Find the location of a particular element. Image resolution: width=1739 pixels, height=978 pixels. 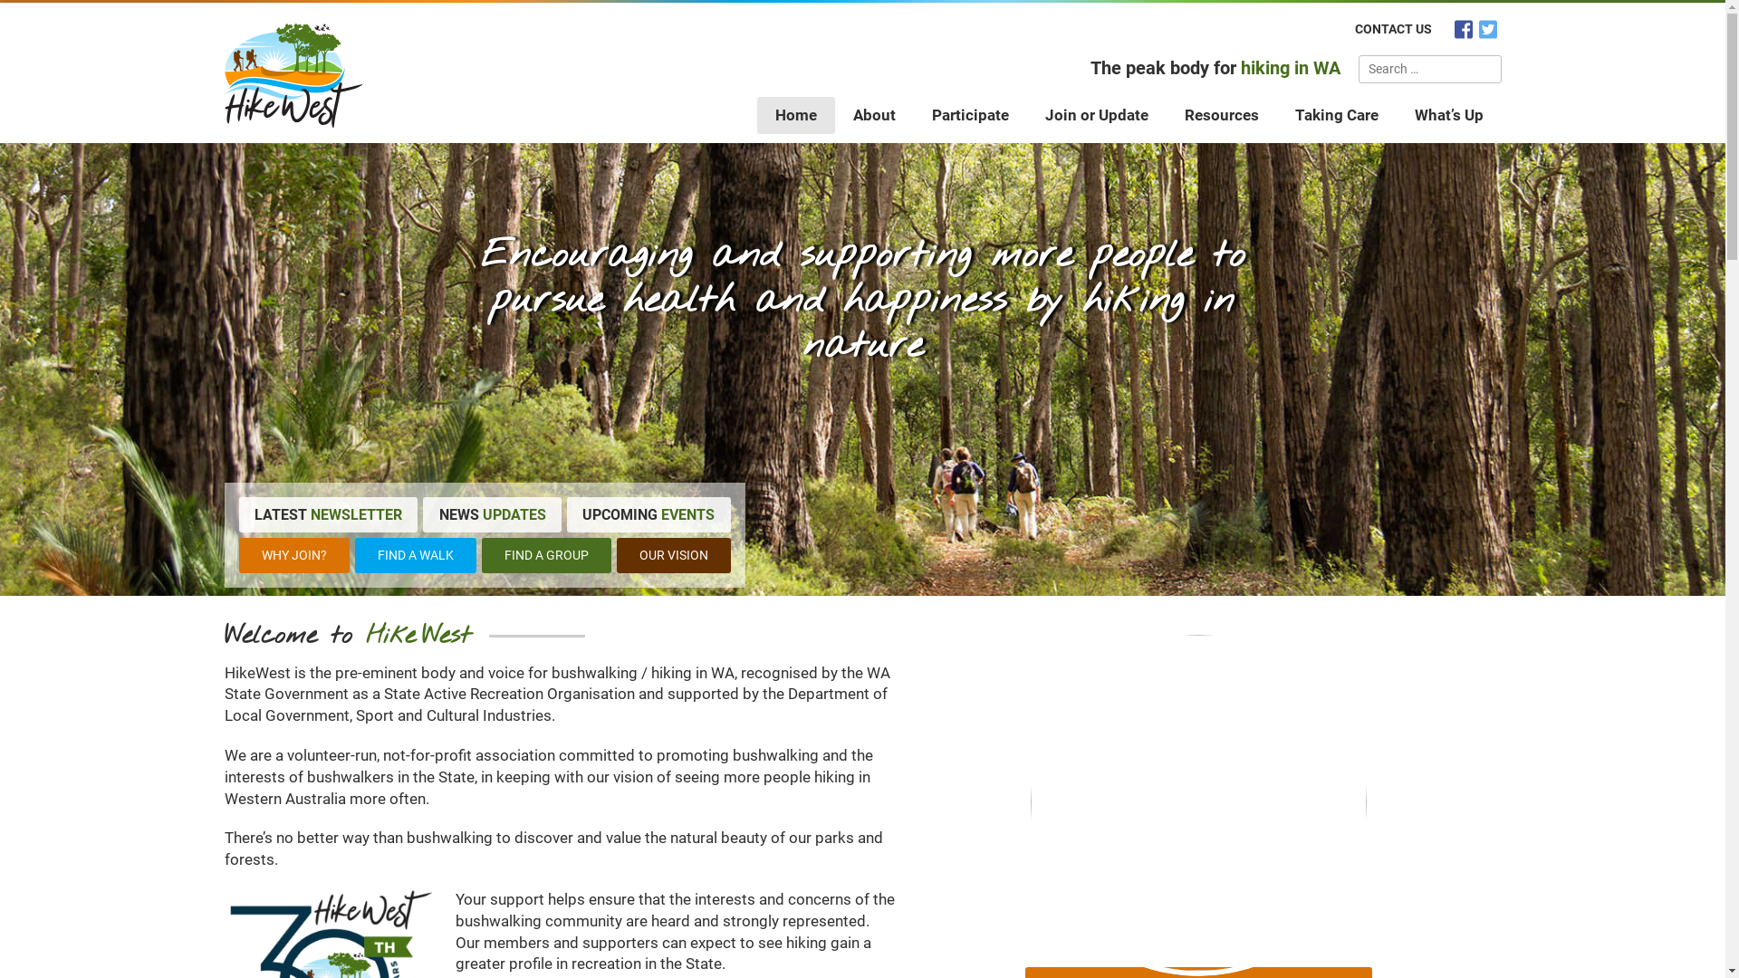

'Participate' is located at coordinates (968, 114).